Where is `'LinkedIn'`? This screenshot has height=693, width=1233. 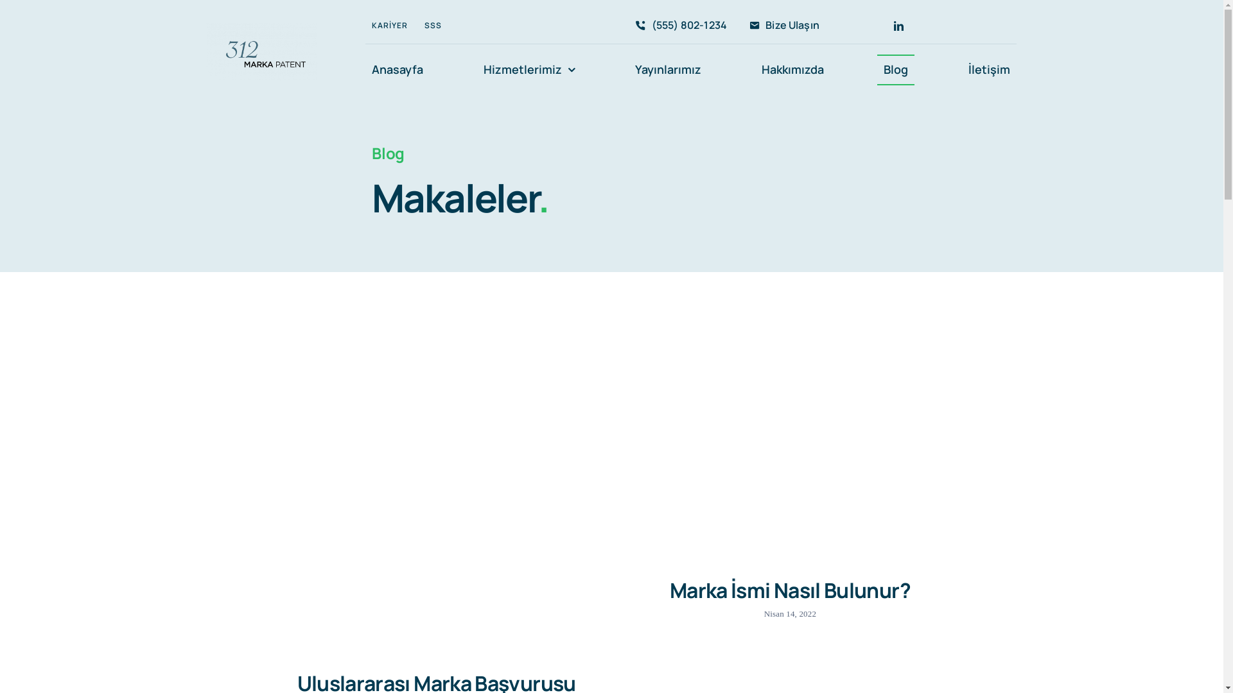 'LinkedIn' is located at coordinates (898, 26).